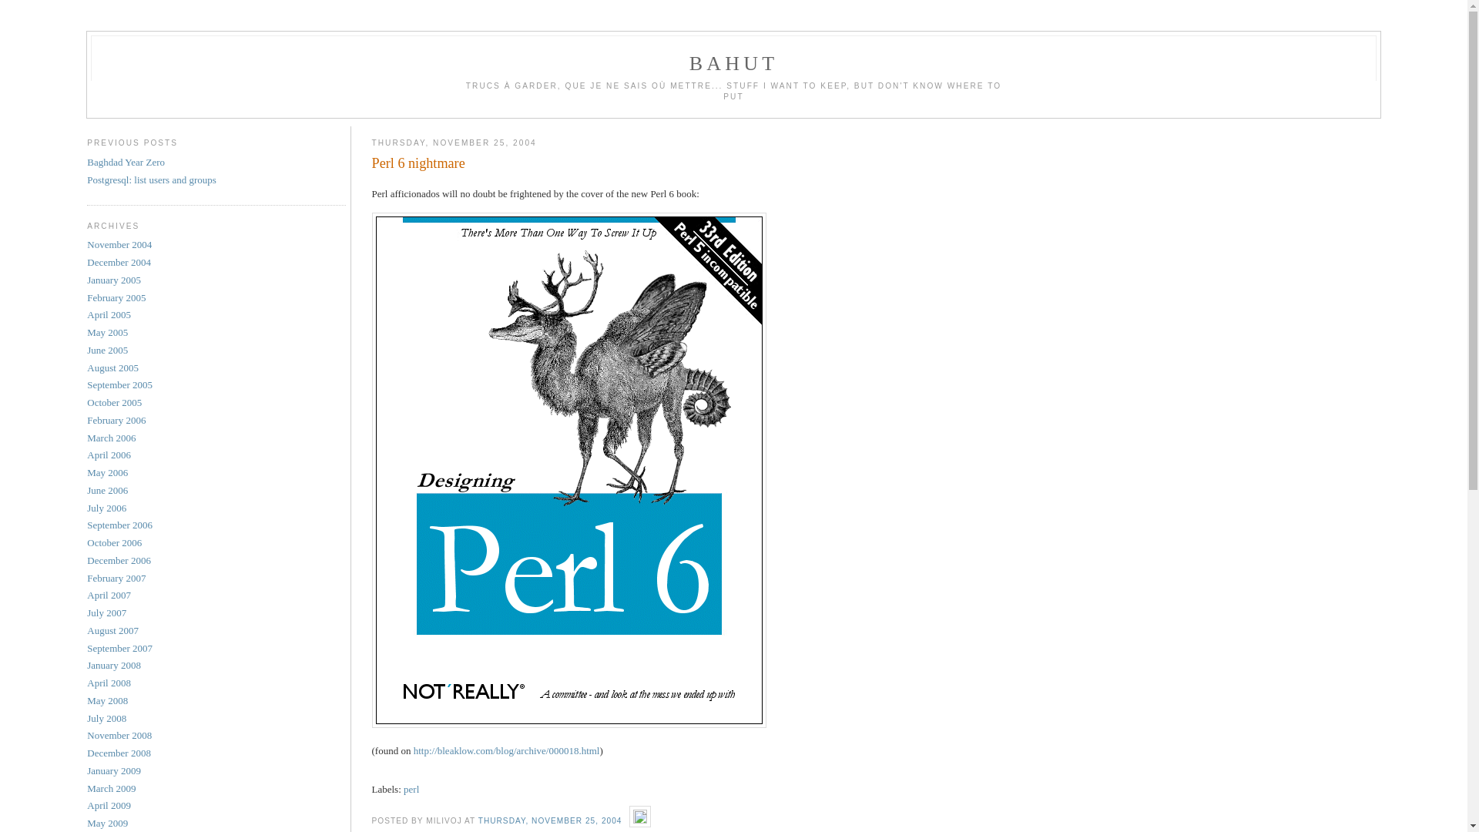  I want to click on 'April 2008', so click(108, 682).